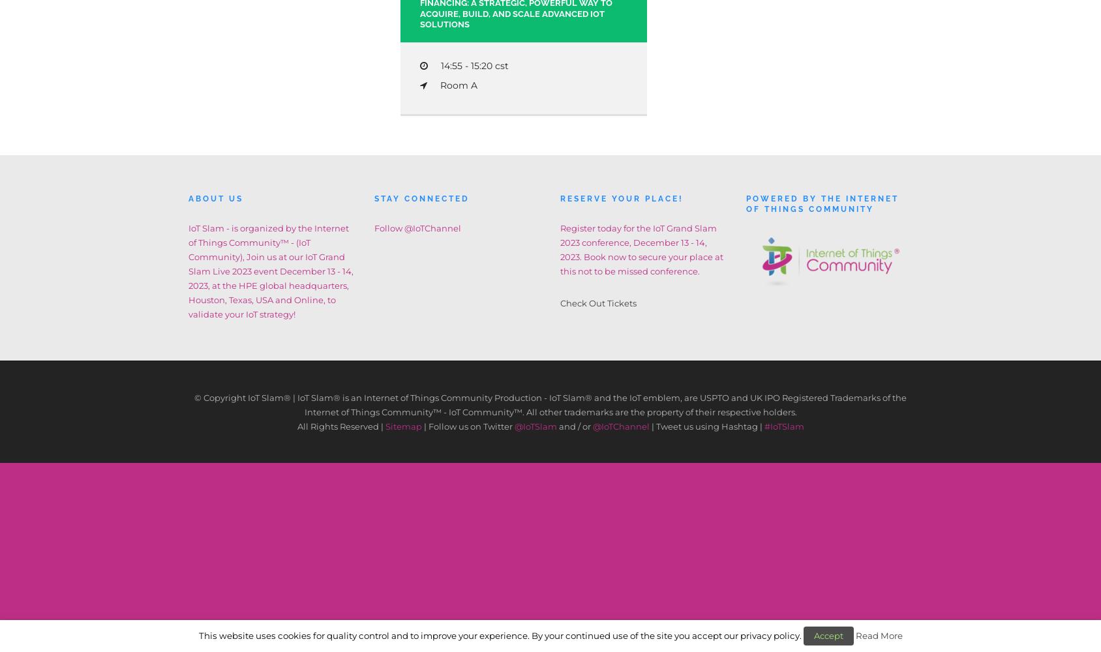 Image resolution: width=1101 pixels, height=652 pixels. I want to click on '| Follow us on Twitter', so click(420, 426).